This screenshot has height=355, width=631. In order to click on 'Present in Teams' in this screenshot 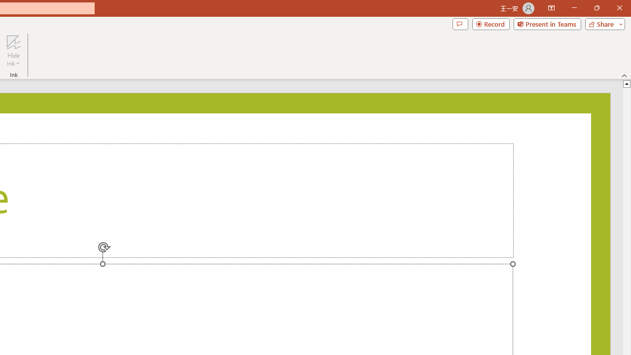, I will do `click(547, 23)`.